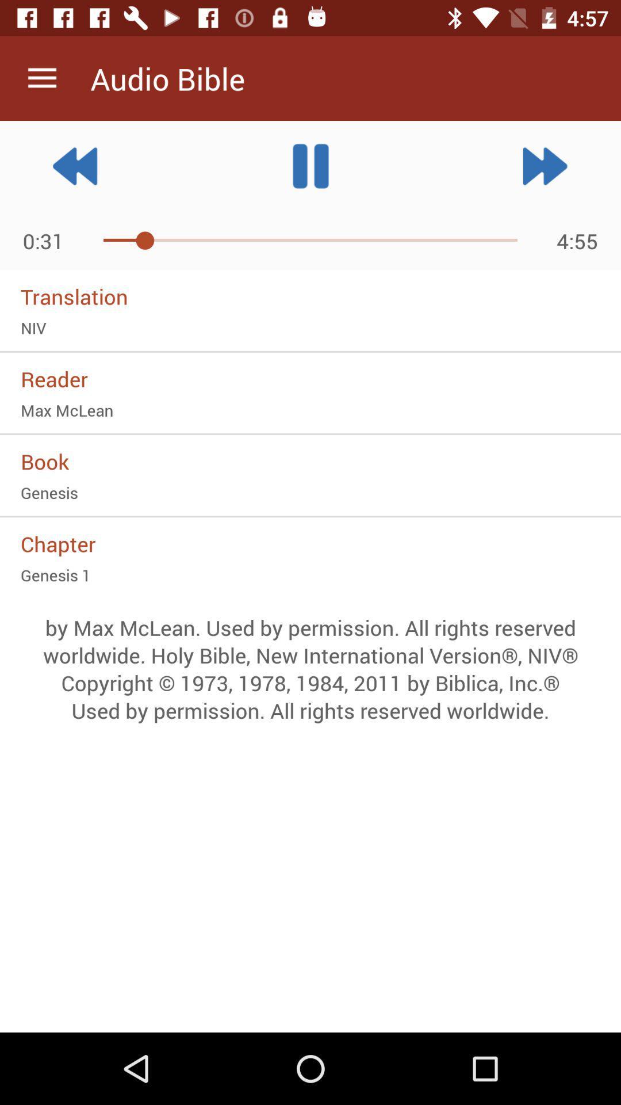  Describe the element at coordinates (545, 165) in the screenshot. I see `the av_forward icon` at that location.